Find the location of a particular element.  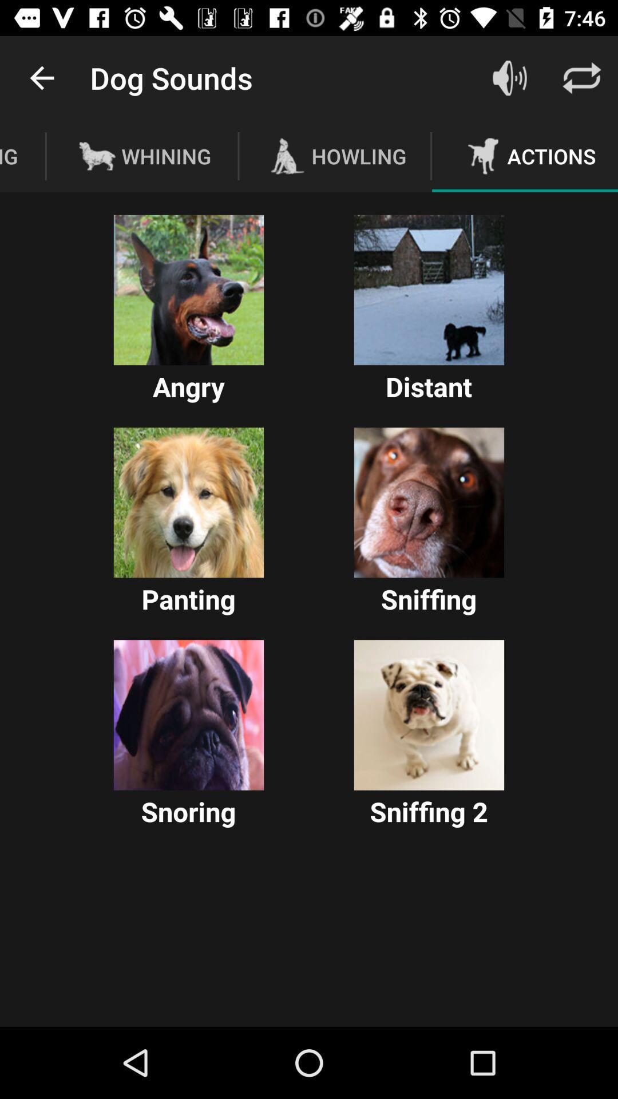

distant dog sound is located at coordinates (429, 290).